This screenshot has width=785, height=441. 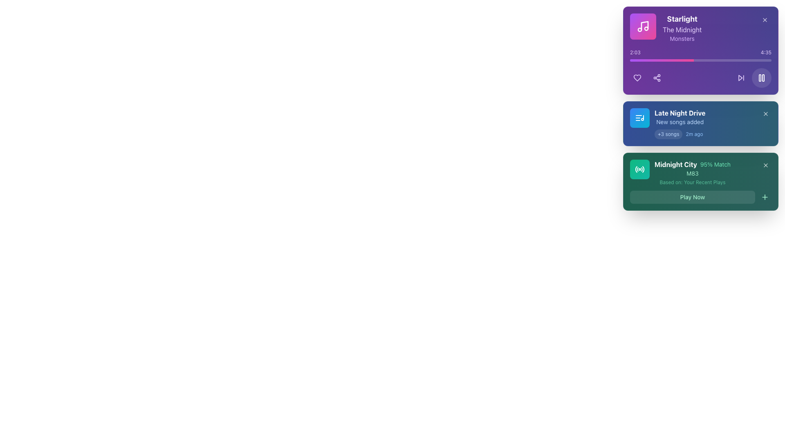 What do you see at coordinates (700, 52) in the screenshot?
I see `the text-based time display showing '2:03' on the left and '4:35' on the right` at bounding box center [700, 52].